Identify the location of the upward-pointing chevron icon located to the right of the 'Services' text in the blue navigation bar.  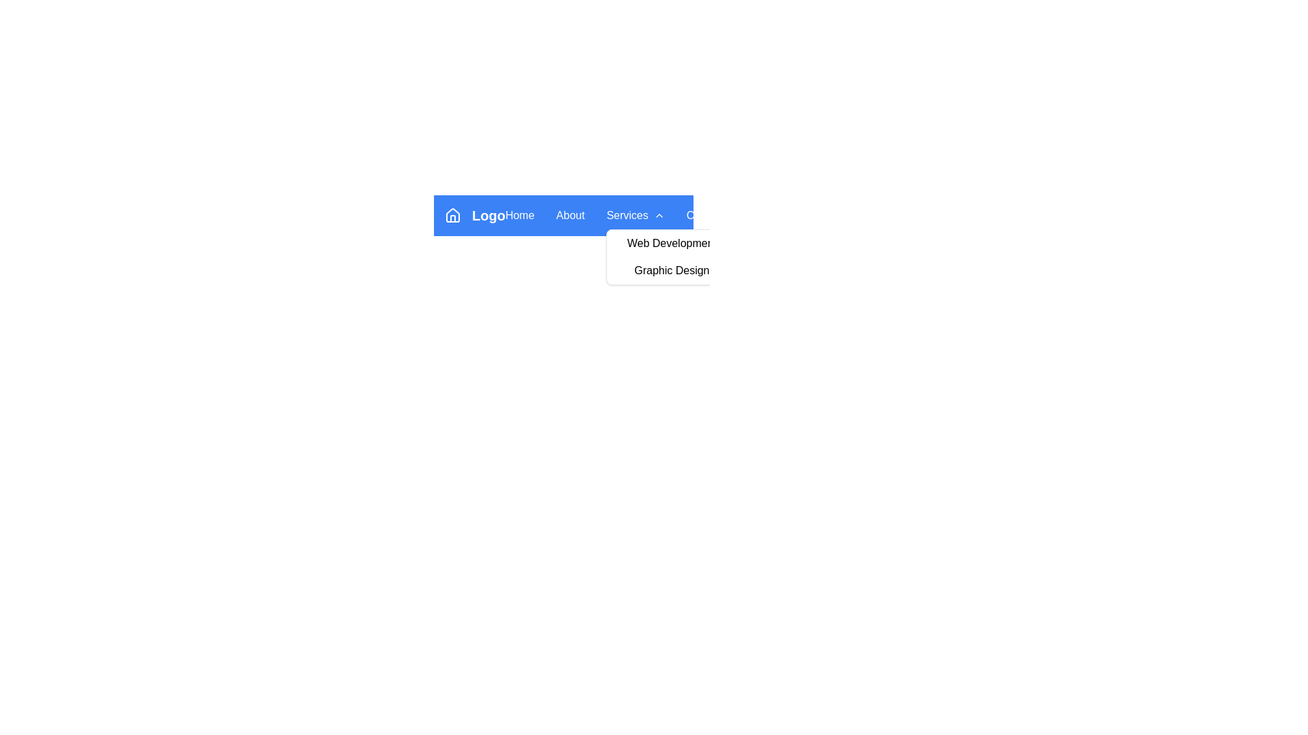
(659, 214).